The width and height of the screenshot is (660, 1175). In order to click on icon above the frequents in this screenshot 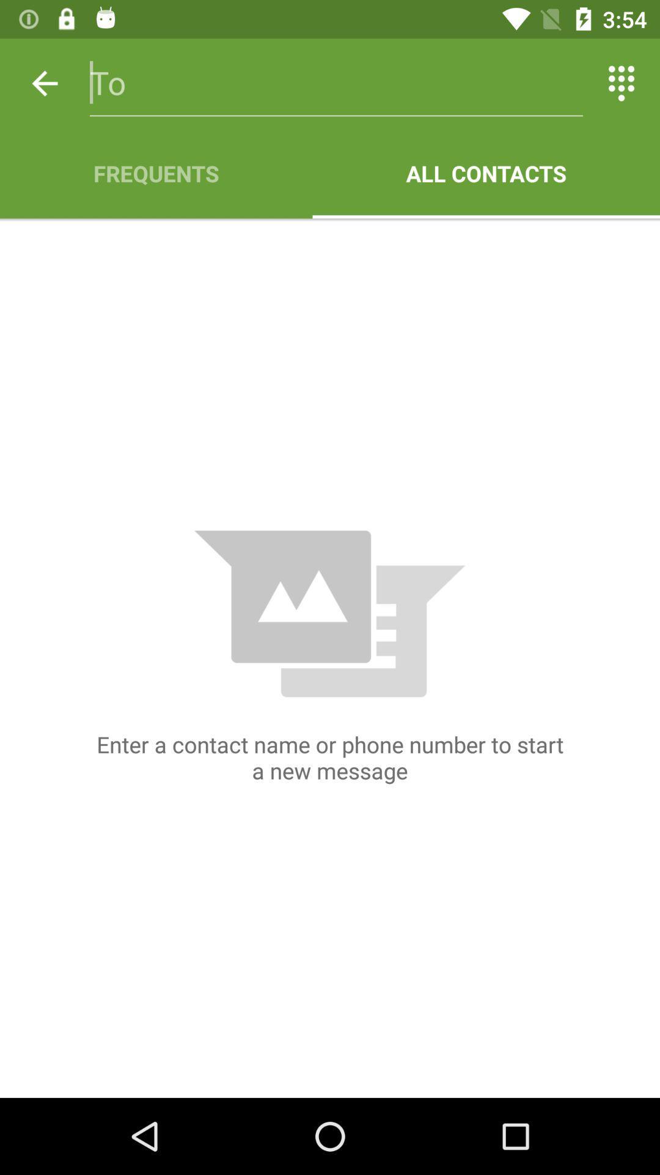, I will do `click(336, 83)`.